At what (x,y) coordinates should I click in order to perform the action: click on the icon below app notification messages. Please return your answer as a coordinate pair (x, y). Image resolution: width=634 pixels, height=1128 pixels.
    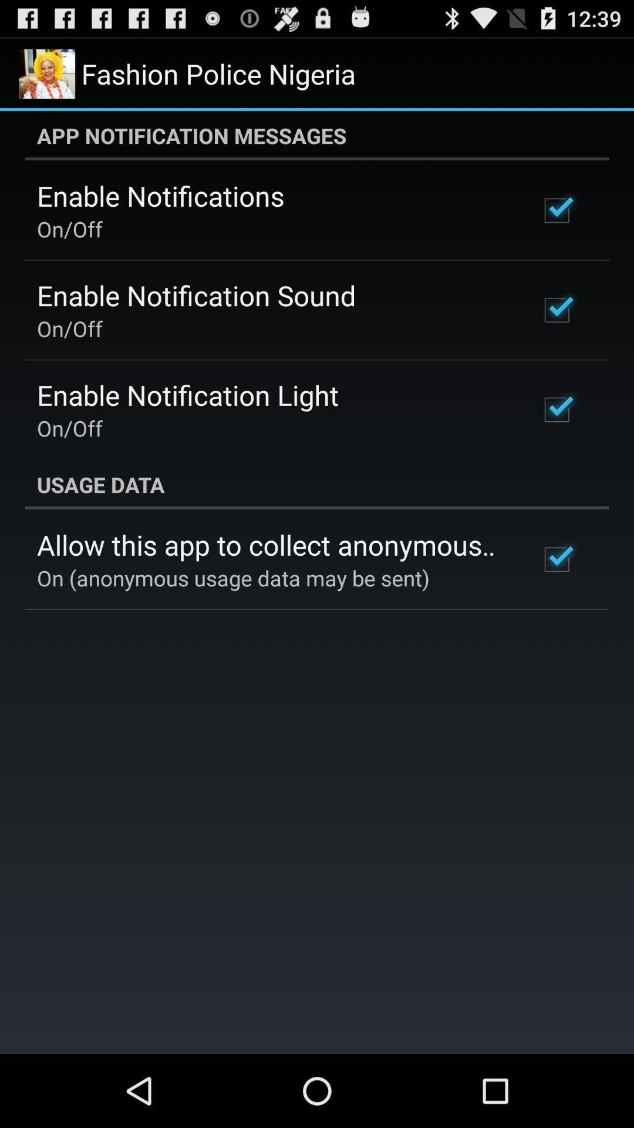
    Looking at the image, I should click on (160, 196).